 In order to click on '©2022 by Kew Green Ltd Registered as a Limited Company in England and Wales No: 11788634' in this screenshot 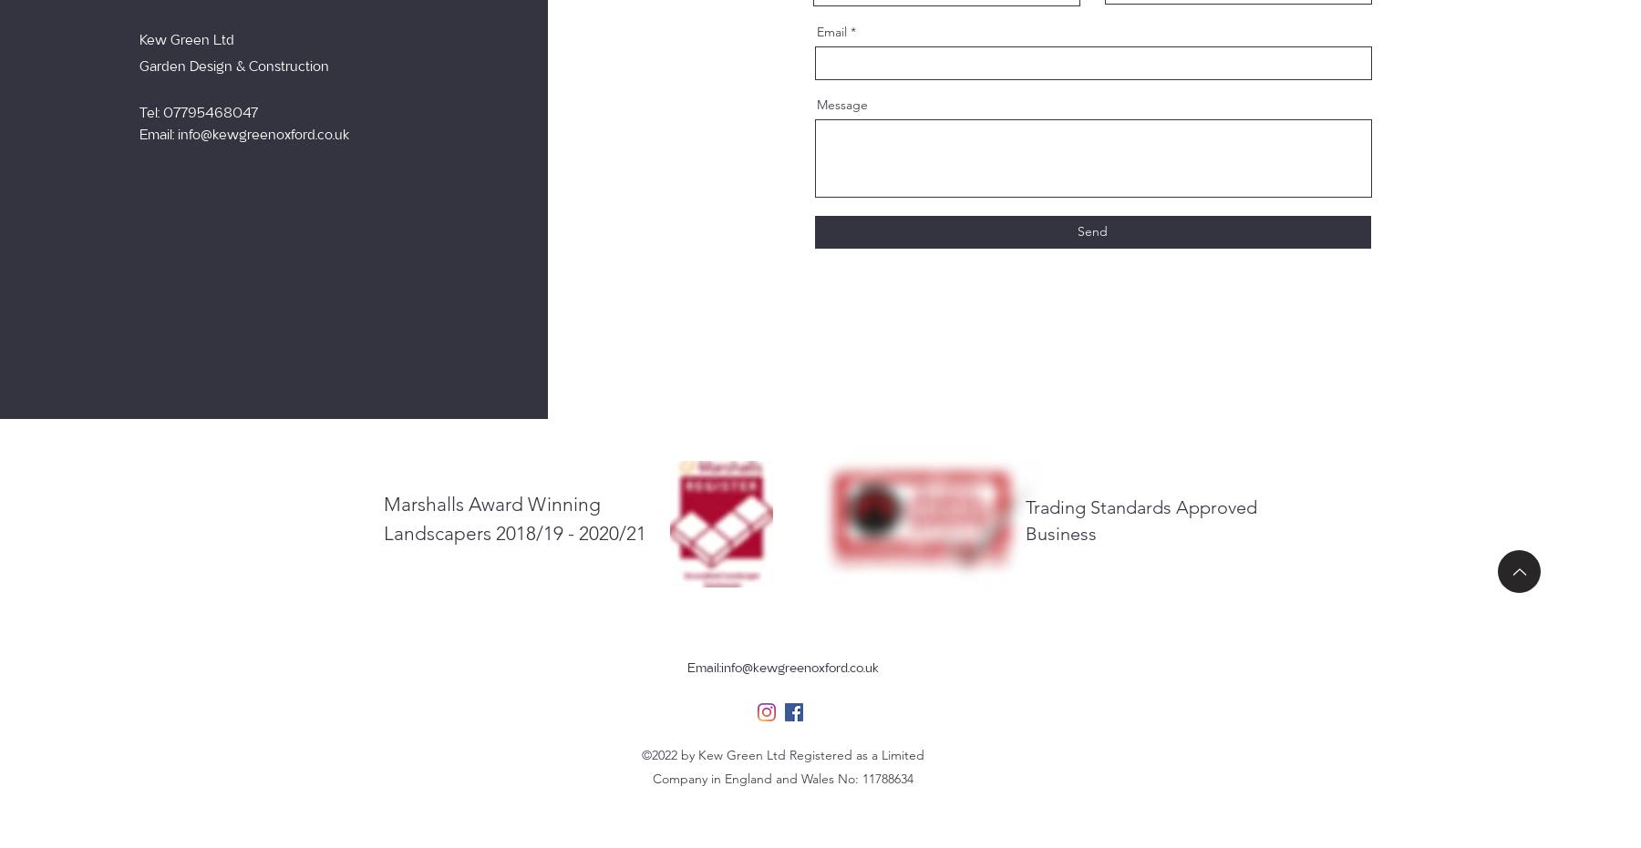, I will do `click(782, 765)`.